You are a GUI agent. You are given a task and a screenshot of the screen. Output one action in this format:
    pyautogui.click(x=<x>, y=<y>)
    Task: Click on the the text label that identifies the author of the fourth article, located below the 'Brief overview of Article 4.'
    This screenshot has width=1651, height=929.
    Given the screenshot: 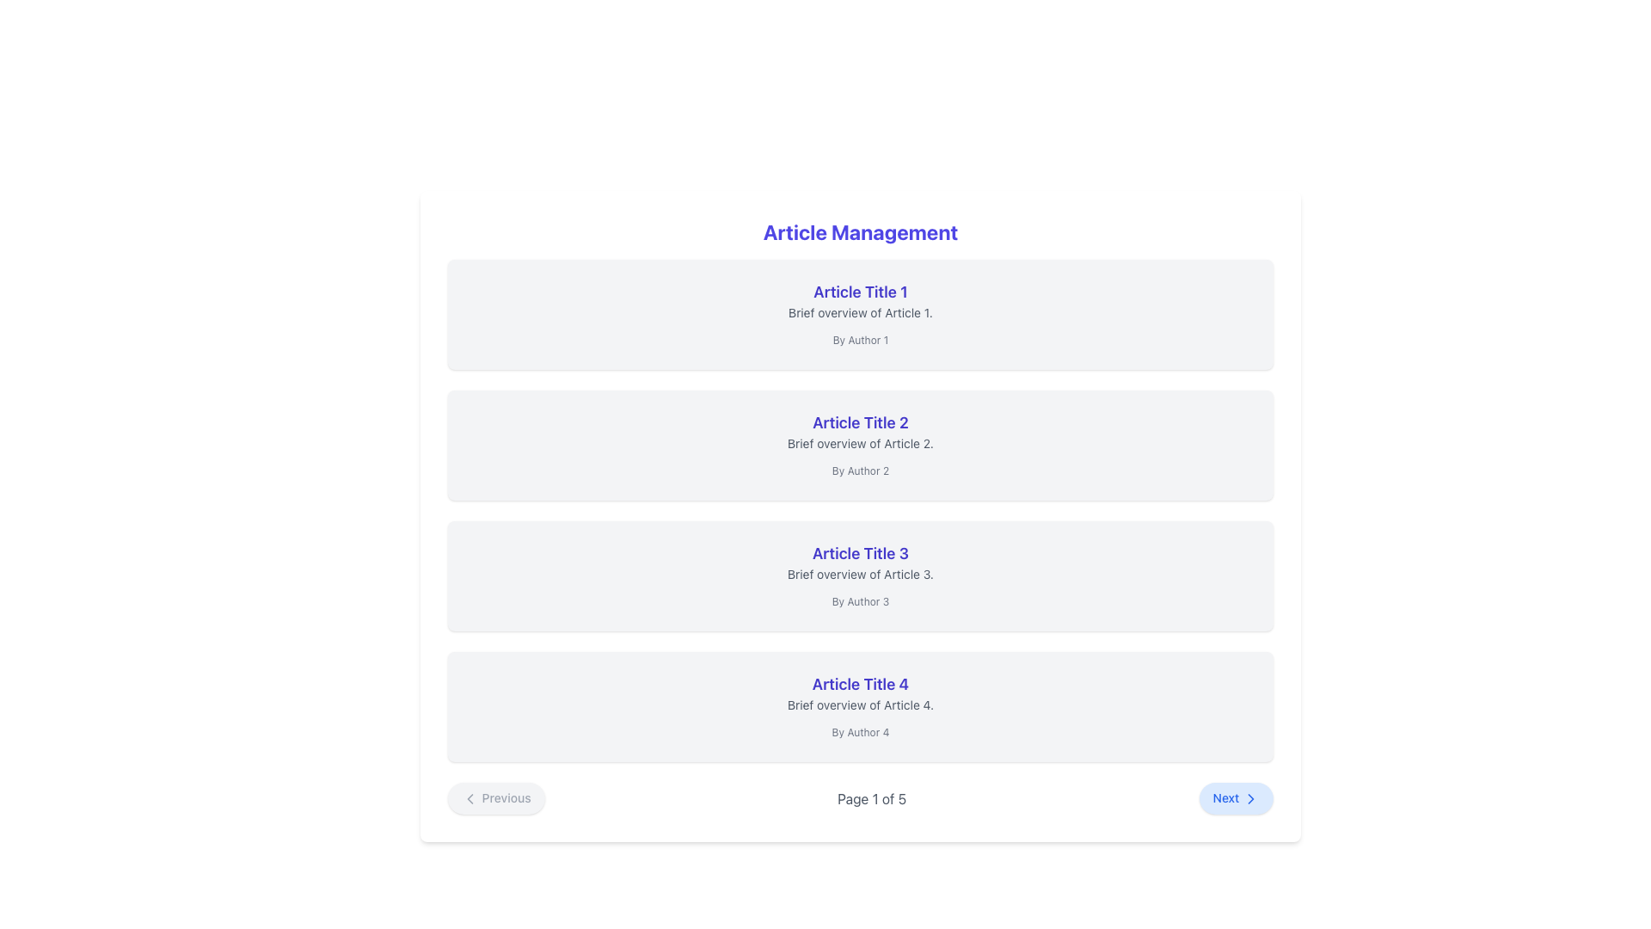 What is the action you would take?
    pyautogui.click(x=860, y=732)
    